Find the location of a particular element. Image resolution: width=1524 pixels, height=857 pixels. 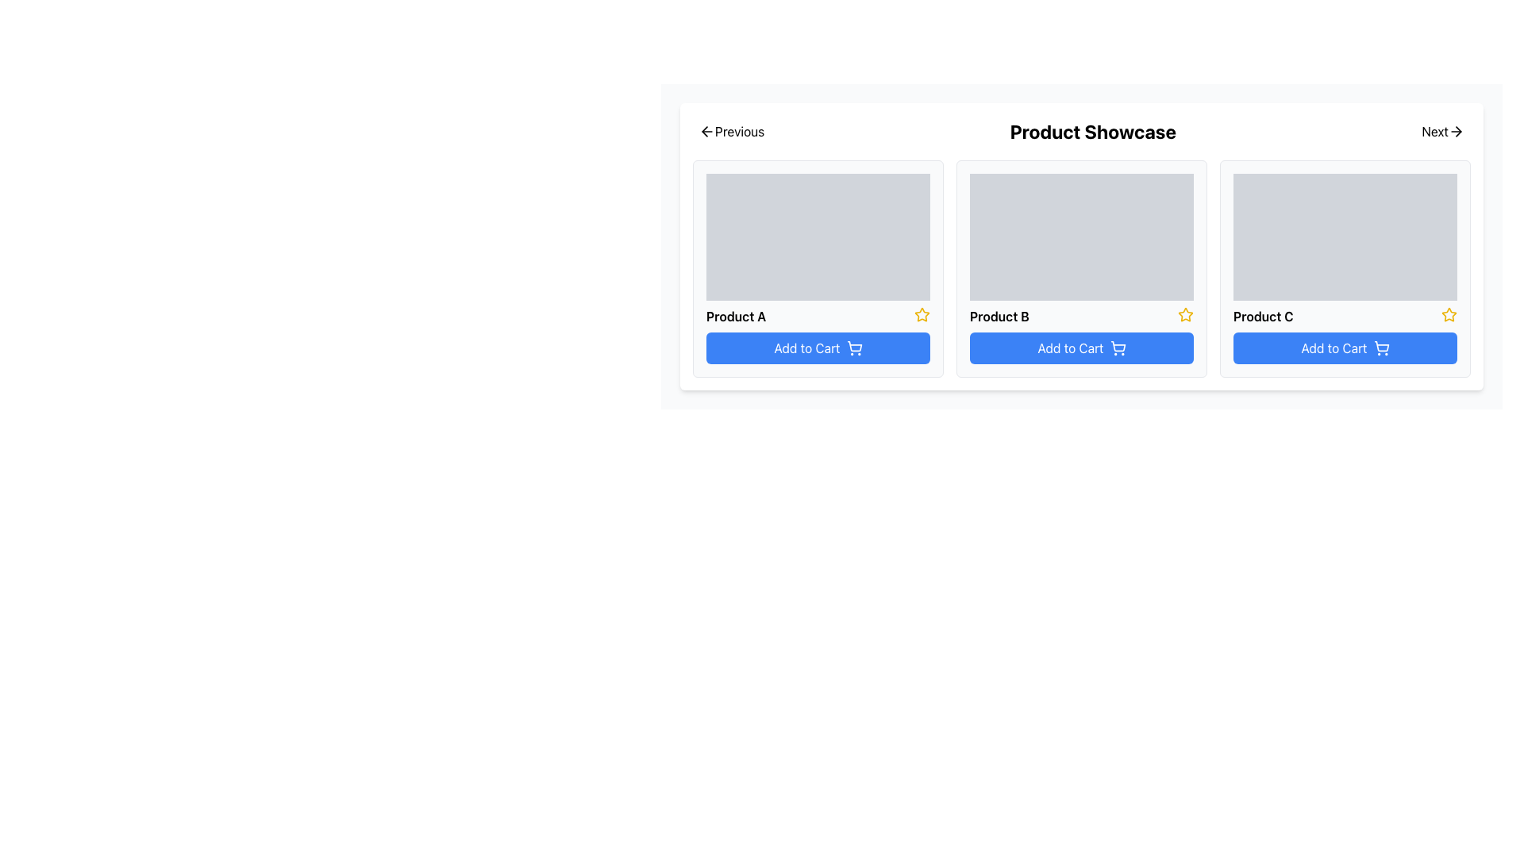

the button located at the bottom of the card for 'Product A' is located at coordinates (818, 348).